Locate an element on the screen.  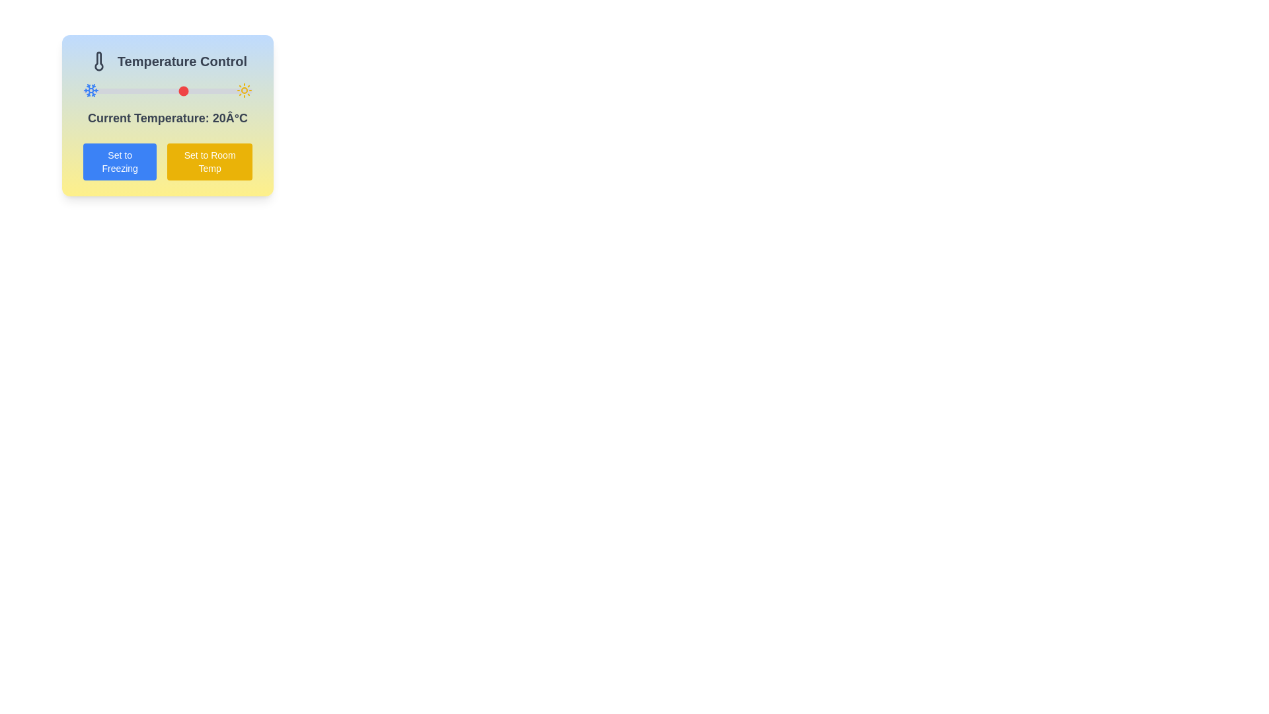
the temperature is located at coordinates (163, 91).